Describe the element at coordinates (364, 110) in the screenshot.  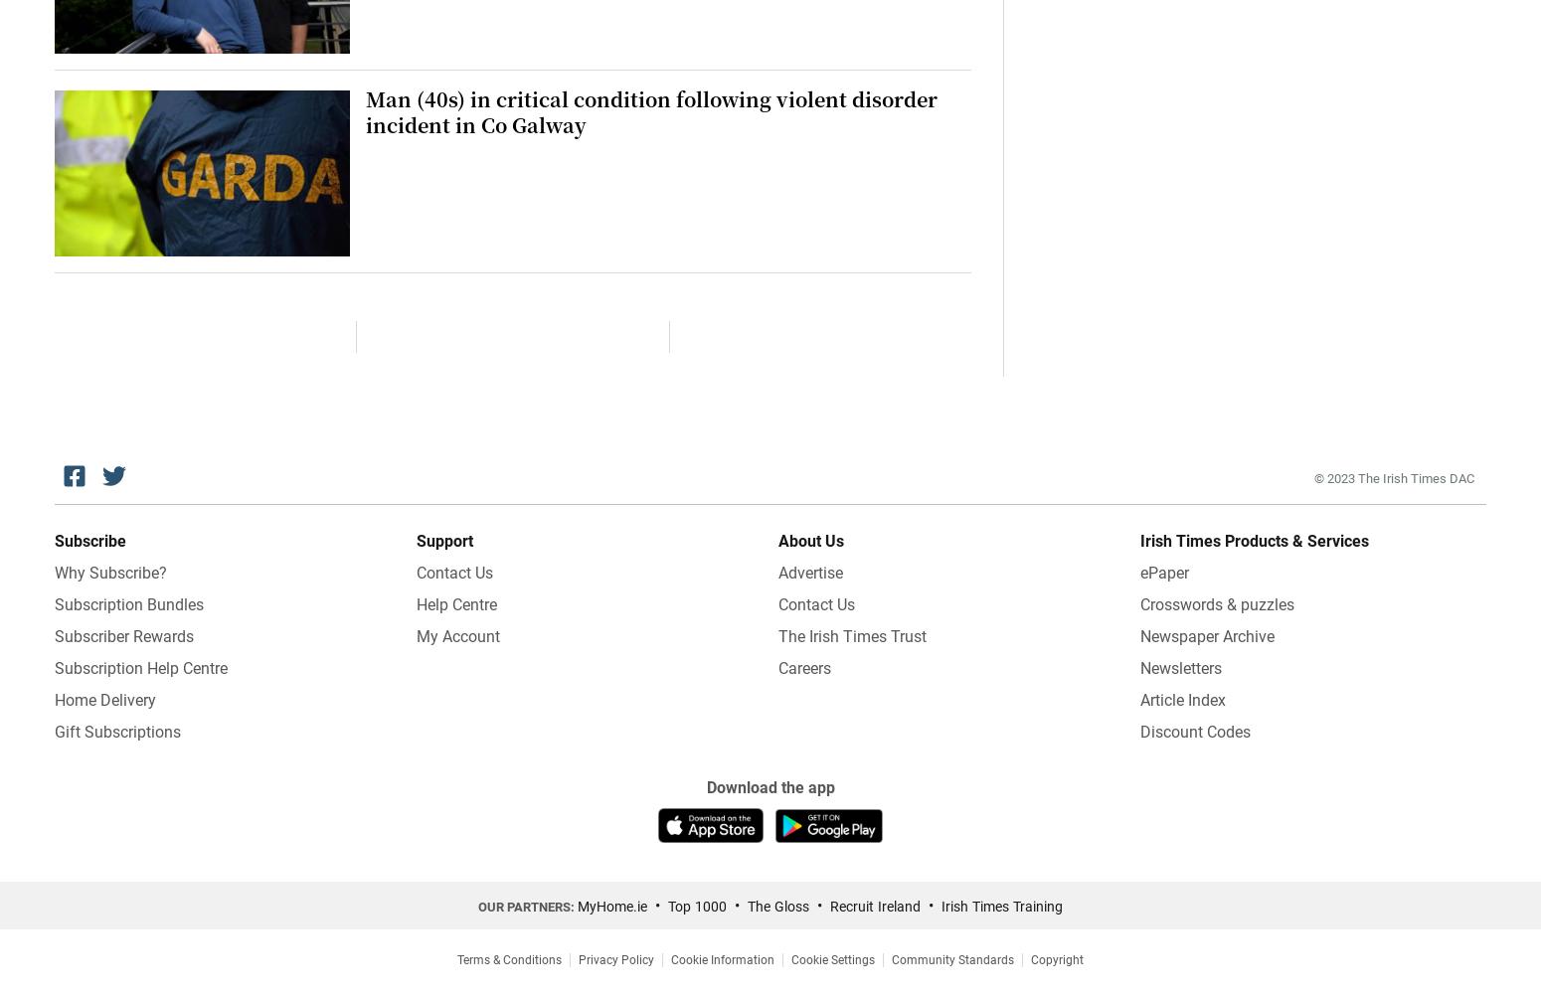
I see `'Man (40s) in critical condition following violent disorder incident in Co Galway'` at that location.